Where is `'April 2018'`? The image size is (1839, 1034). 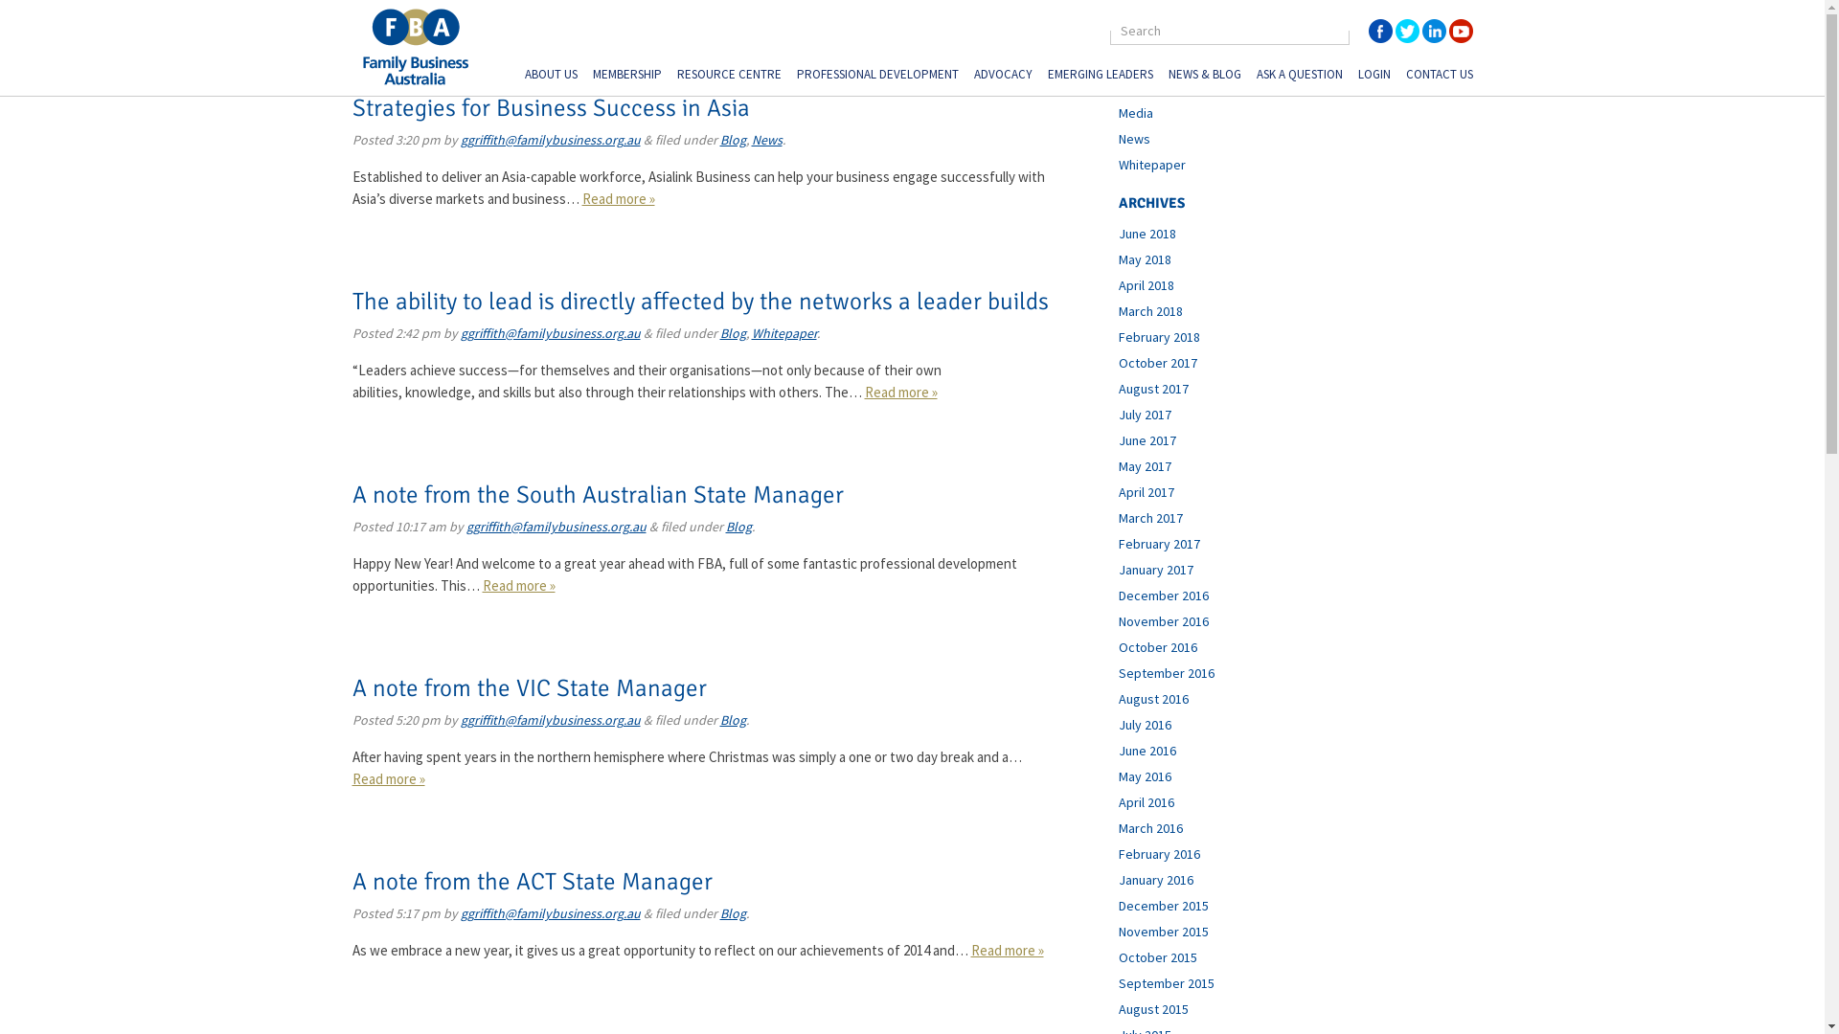 'April 2018' is located at coordinates (1146, 284).